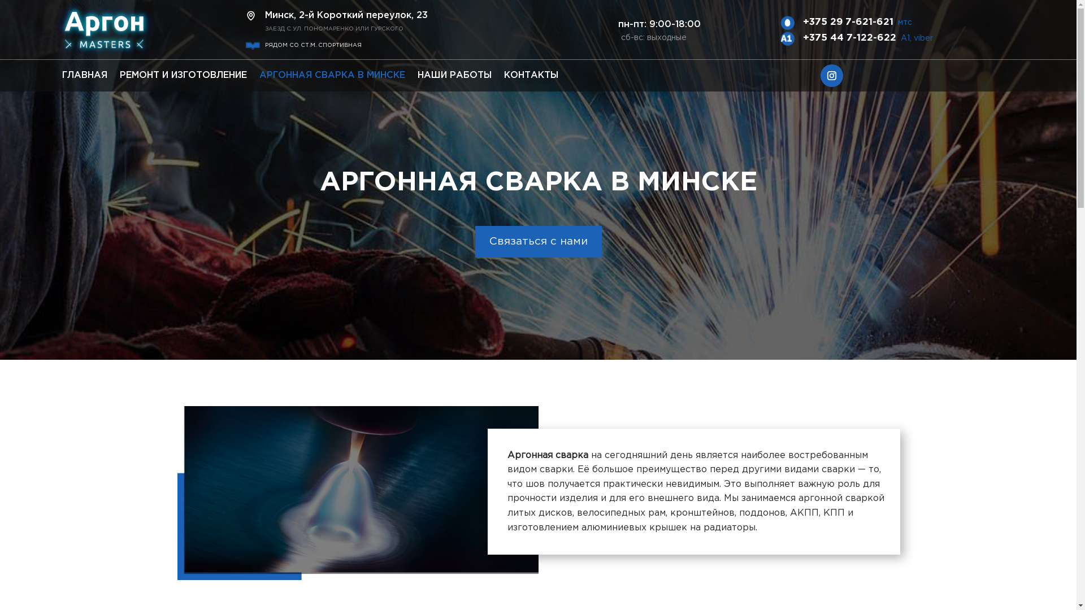 Image resolution: width=1085 pixels, height=610 pixels. I want to click on '67-22', so click(53, 30).